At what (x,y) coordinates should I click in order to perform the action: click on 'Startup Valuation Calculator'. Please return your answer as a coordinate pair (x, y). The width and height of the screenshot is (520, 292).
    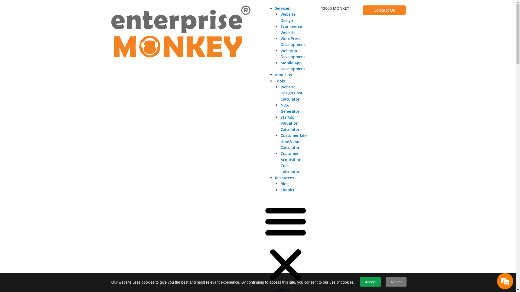
    Looking at the image, I should click on (290, 123).